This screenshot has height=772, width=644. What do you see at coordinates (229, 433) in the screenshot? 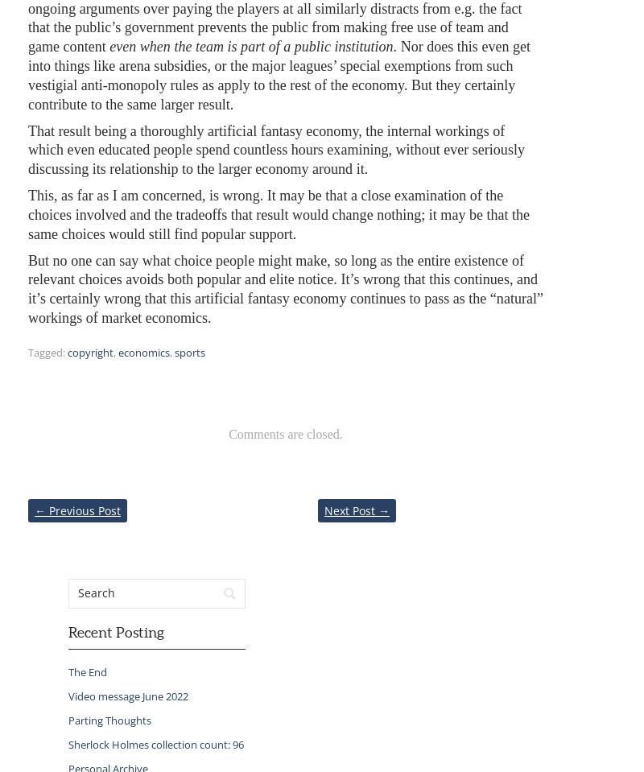
I see `'Comments are closed.'` at bounding box center [229, 433].